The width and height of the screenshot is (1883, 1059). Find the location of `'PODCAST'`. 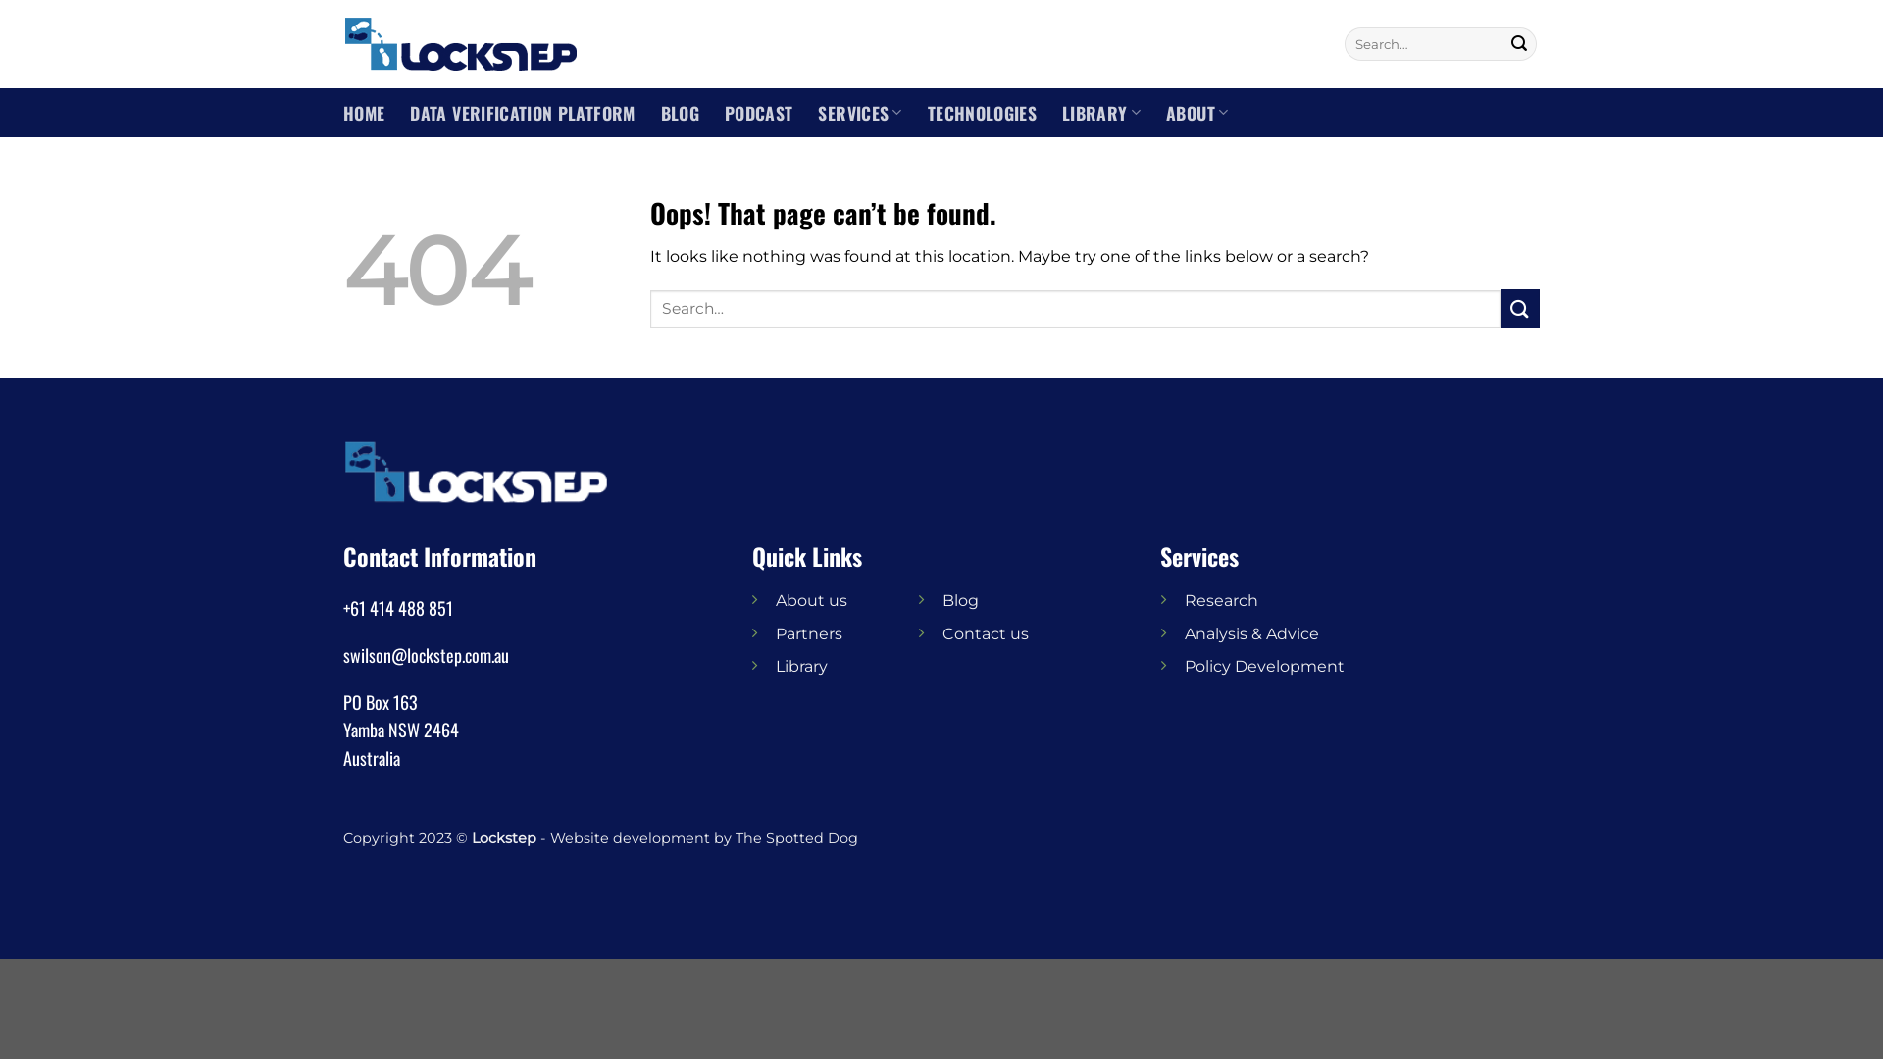

'PODCAST' is located at coordinates (757, 113).